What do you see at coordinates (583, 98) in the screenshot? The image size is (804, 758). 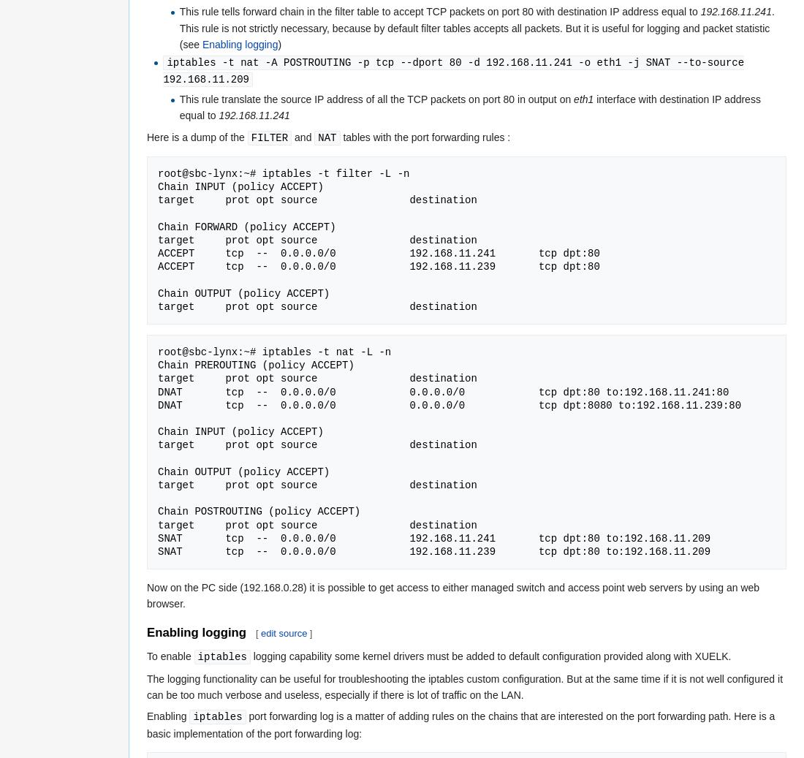 I see `'eth1'` at bounding box center [583, 98].